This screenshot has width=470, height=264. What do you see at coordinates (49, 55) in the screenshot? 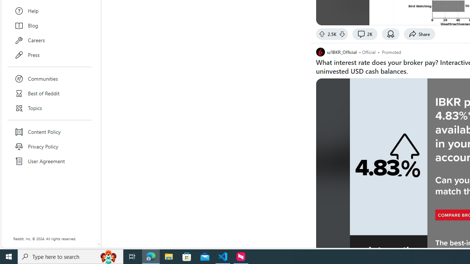
I see `'Press'` at bounding box center [49, 55].